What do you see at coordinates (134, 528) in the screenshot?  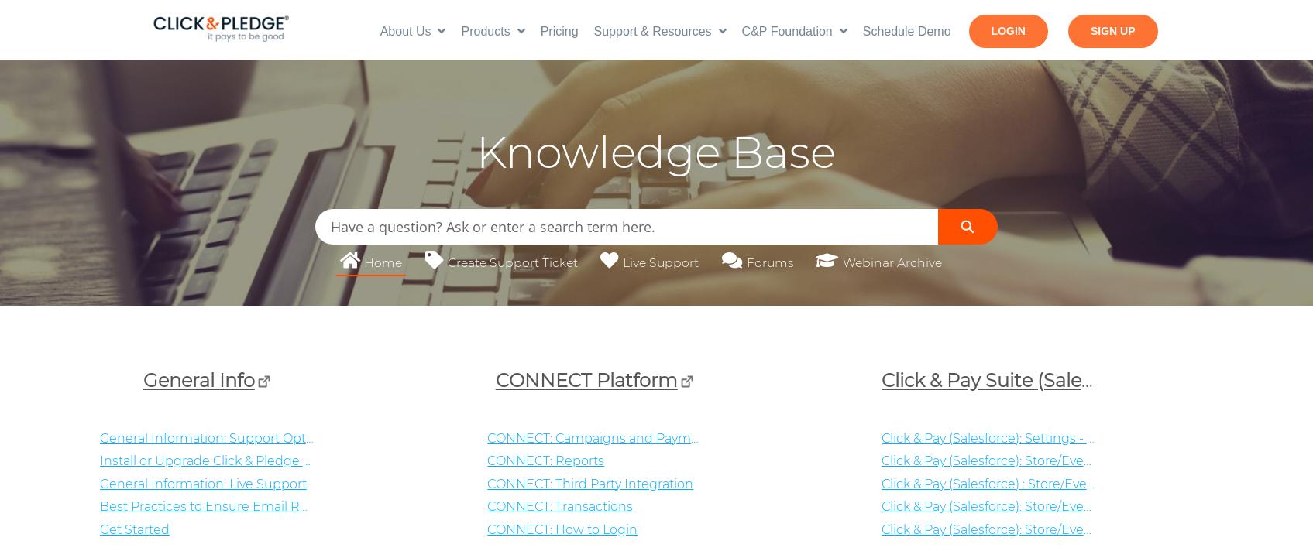 I see `'Get Started'` at bounding box center [134, 528].